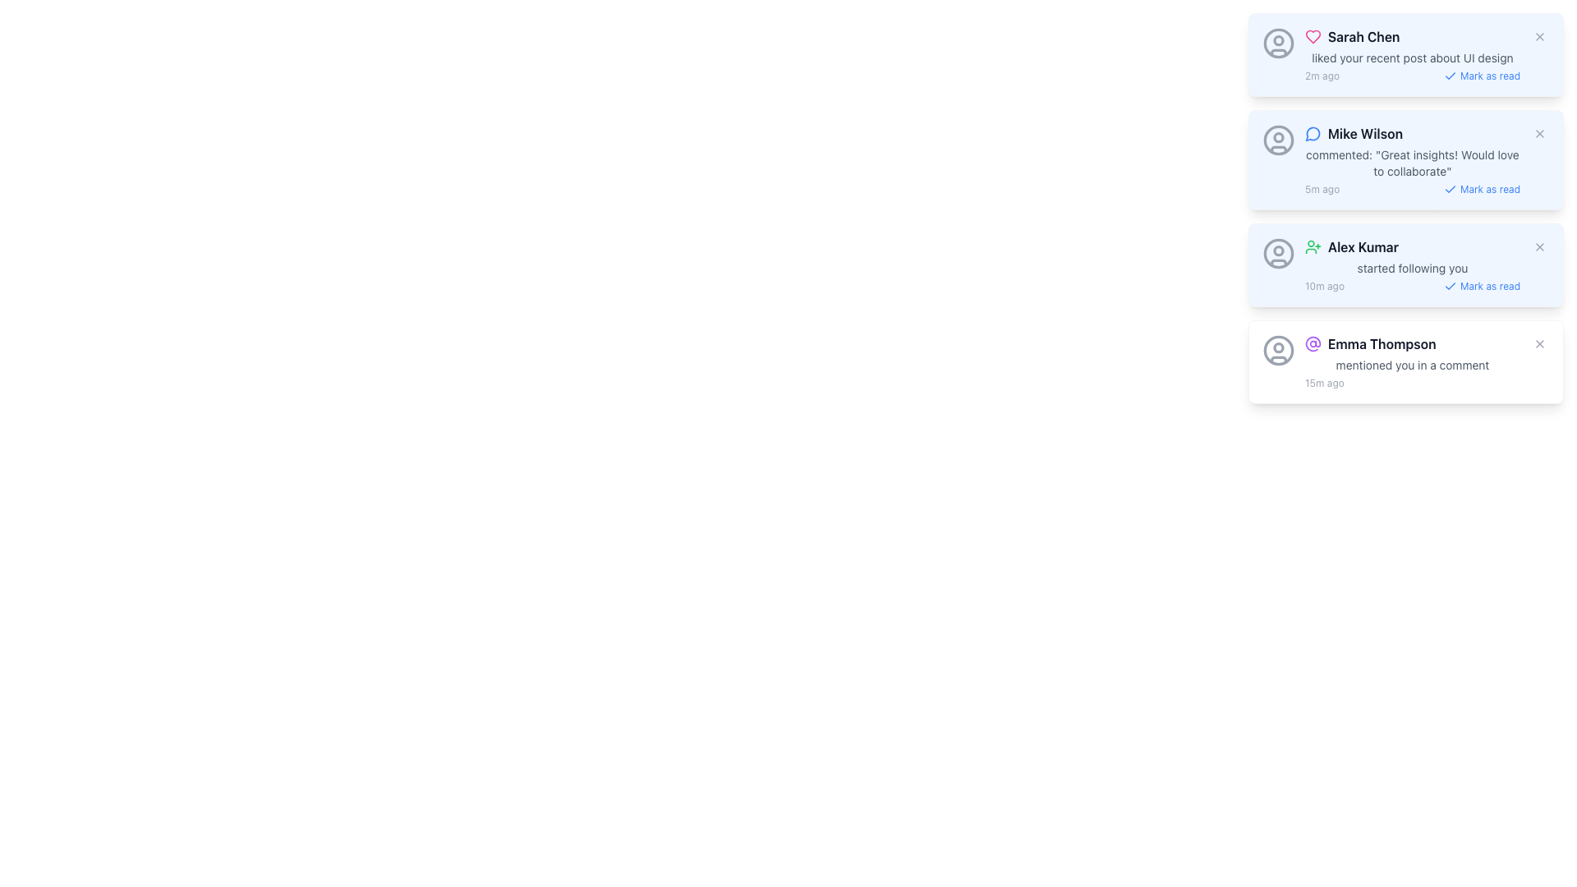 Image resolution: width=1577 pixels, height=887 pixels. Describe the element at coordinates (1539, 132) in the screenshot. I see `the dismiss button located in the top-right corner of the notification card labeled with 'Mike Wilson'` at that location.